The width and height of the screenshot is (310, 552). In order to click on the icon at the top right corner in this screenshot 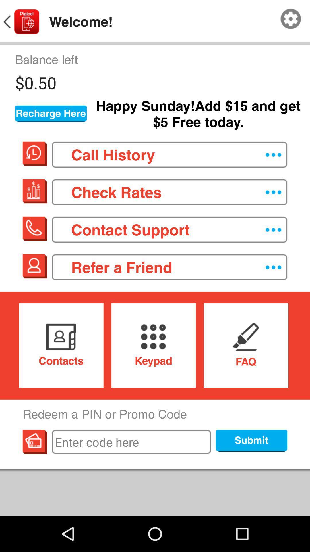, I will do `click(291, 19)`.